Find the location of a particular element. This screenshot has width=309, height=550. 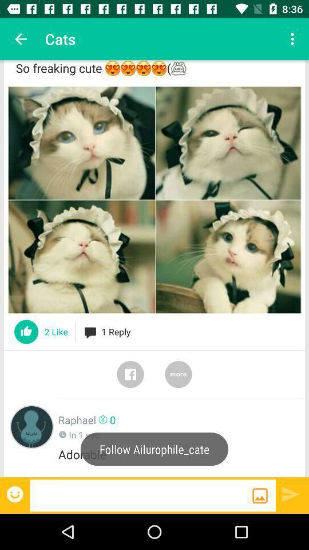

more content is located at coordinates (179, 374).